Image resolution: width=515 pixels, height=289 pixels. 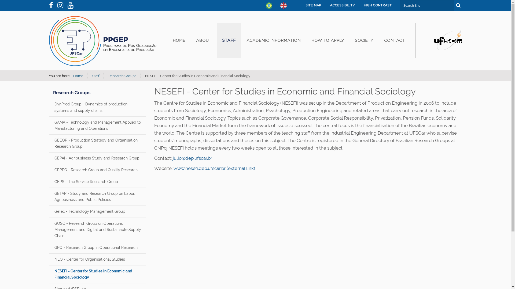 What do you see at coordinates (203, 40) in the screenshot?
I see `'ABOUT'` at bounding box center [203, 40].